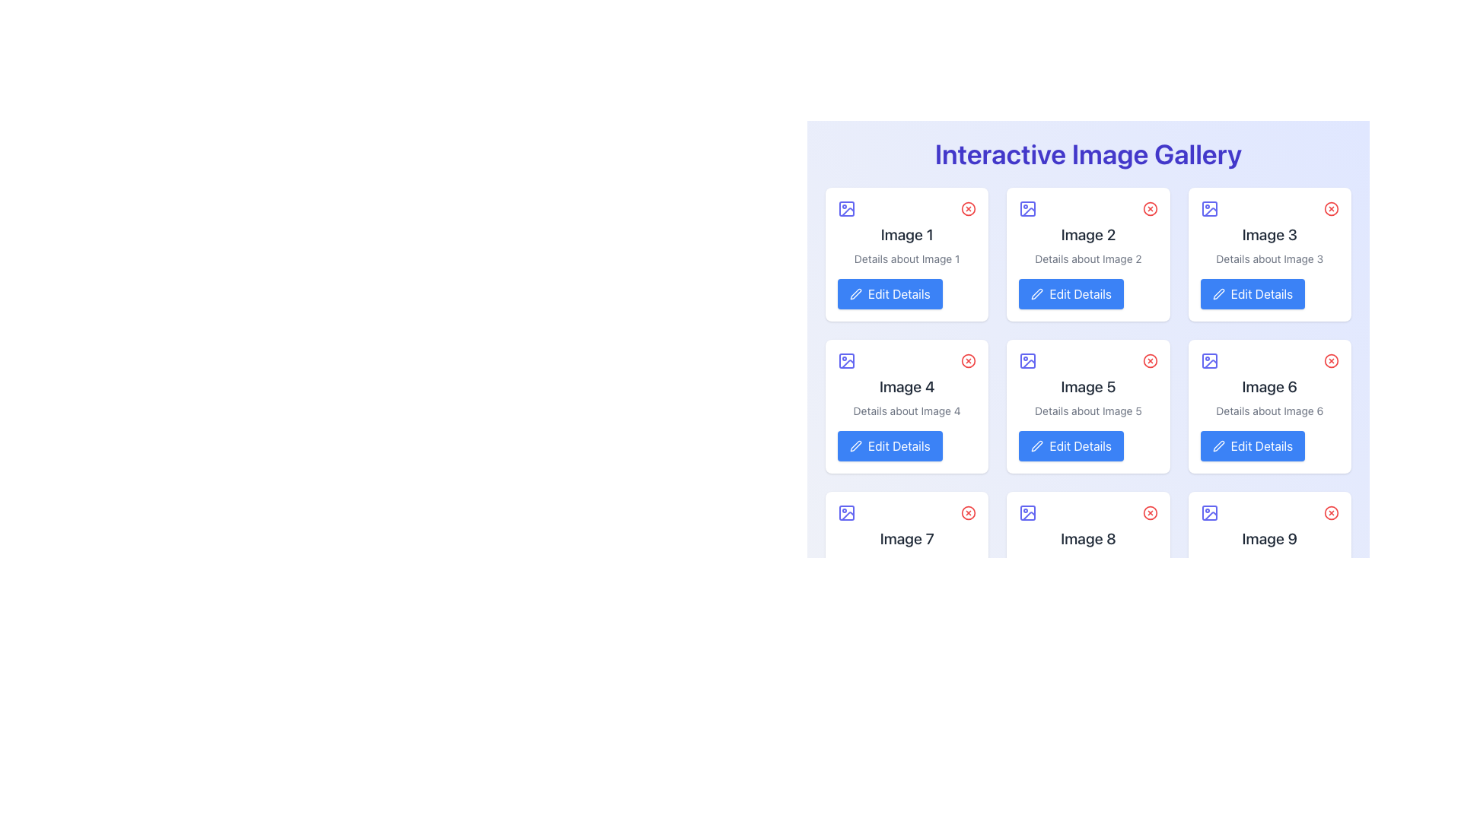 This screenshot has height=821, width=1461. I want to click on the text label that serves as a descriptive subtitle for 'Image 6', located in the second row, third column of a grid layout, so click(1269, 410).